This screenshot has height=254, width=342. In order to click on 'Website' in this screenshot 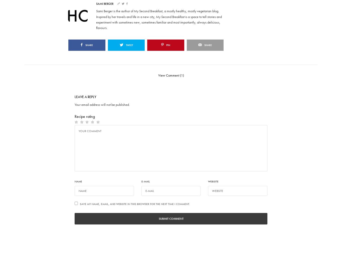, I will do `click(208, 181)`.